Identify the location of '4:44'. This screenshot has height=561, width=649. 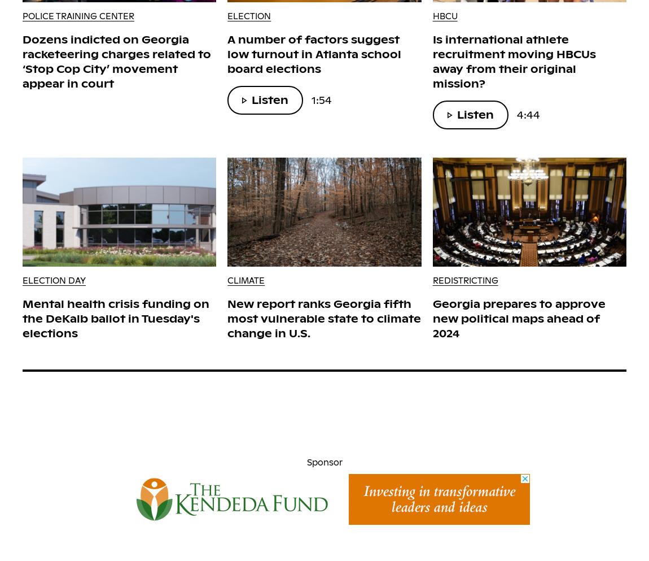
(528, 115).